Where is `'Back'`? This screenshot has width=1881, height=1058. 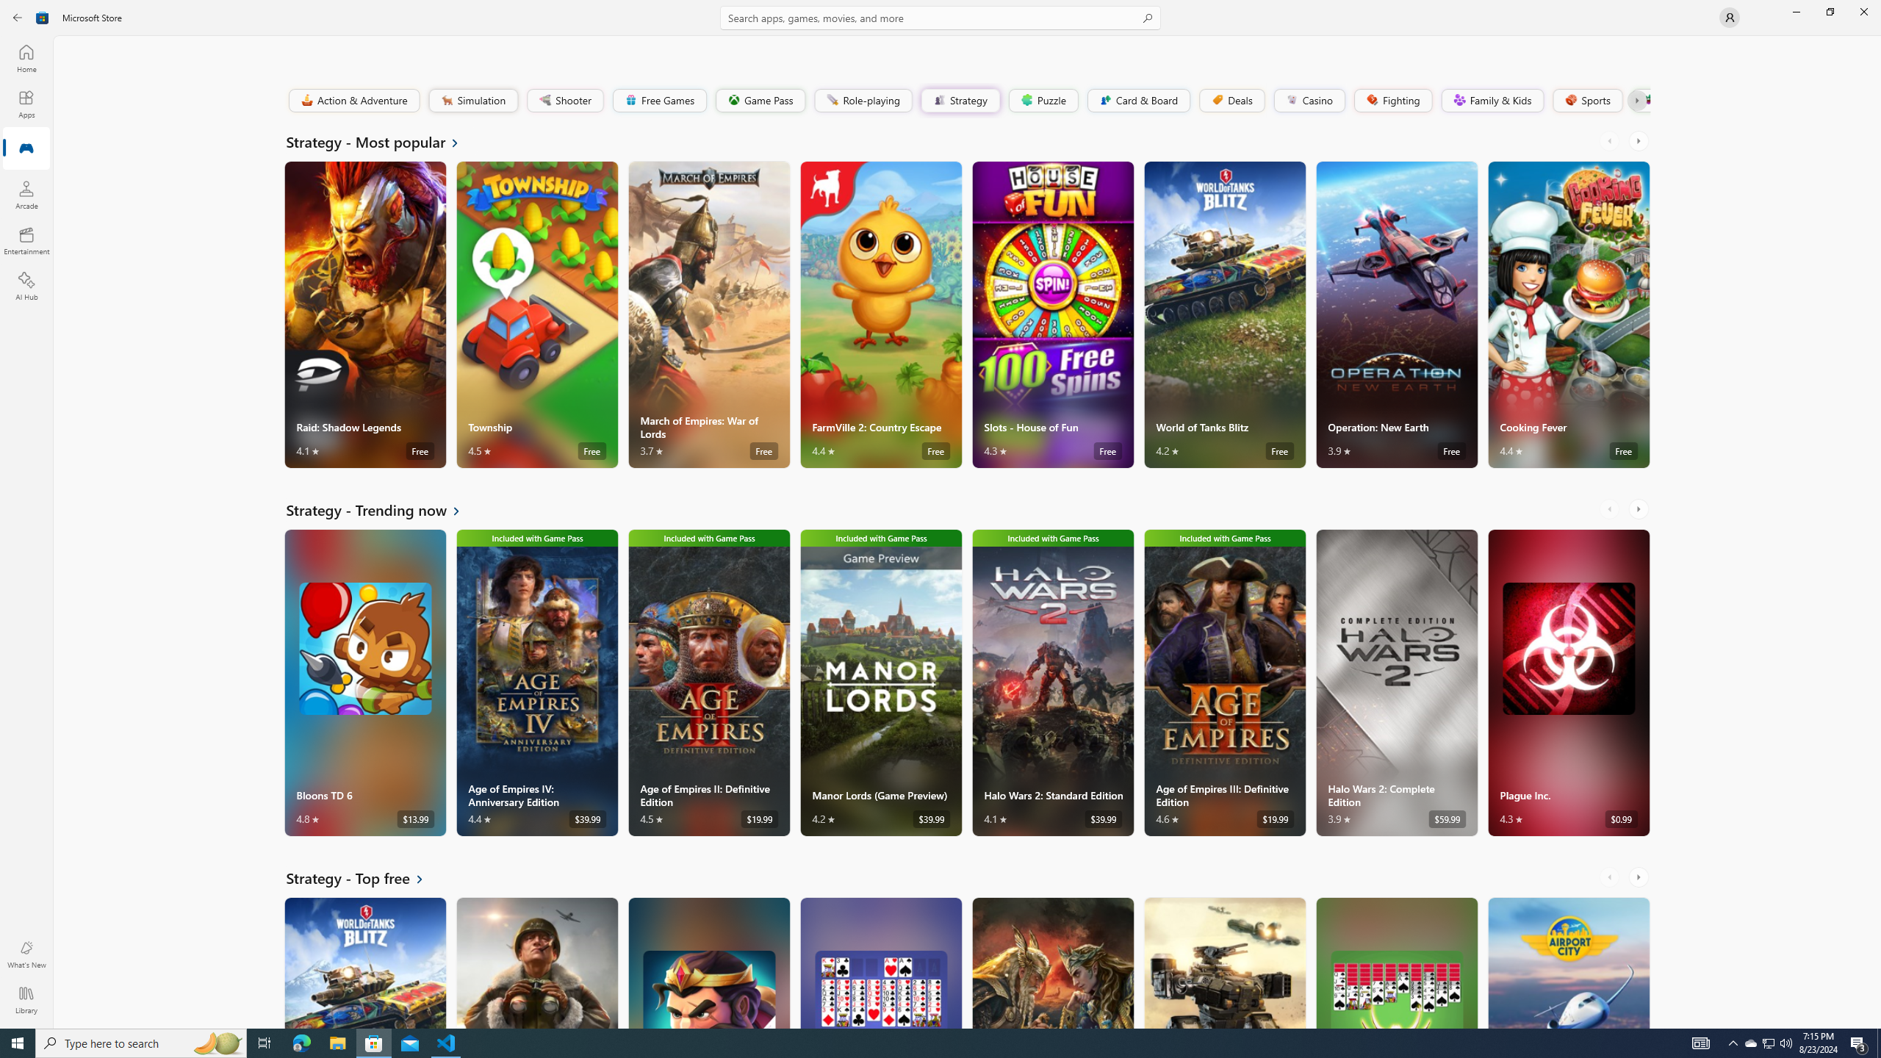
'Back' is located at coordinates (18, 16).